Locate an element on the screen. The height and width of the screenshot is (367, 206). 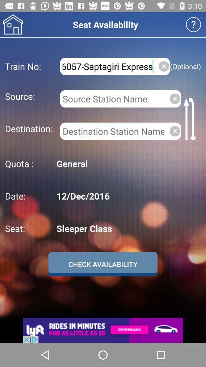
home image indian railway is located at coordinates (13, 24).